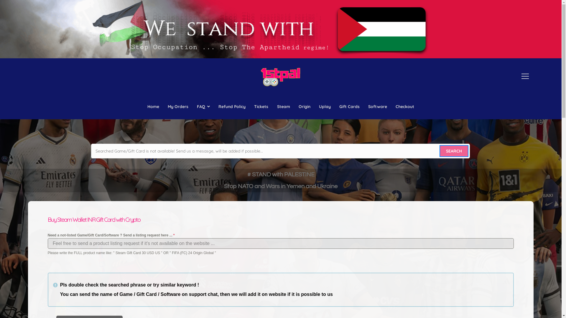  What do you see at coordinates (203, 107) in the screenshot?
I see `'FAQ'` at bounding box center [203, 107].